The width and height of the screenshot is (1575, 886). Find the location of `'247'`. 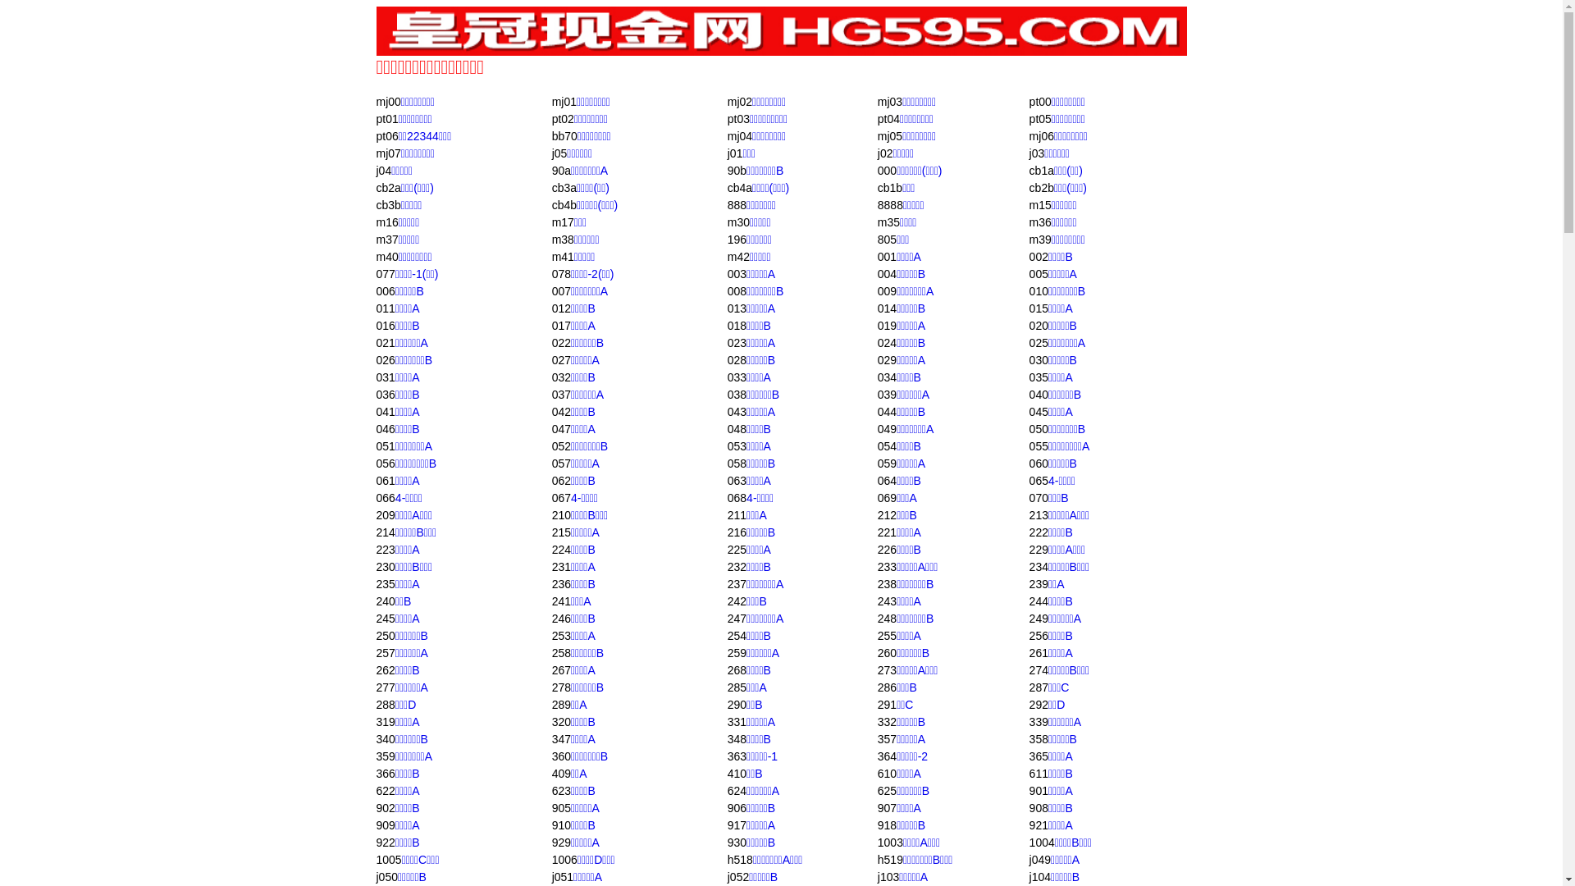

'247' is located at coordinates (736, 618).